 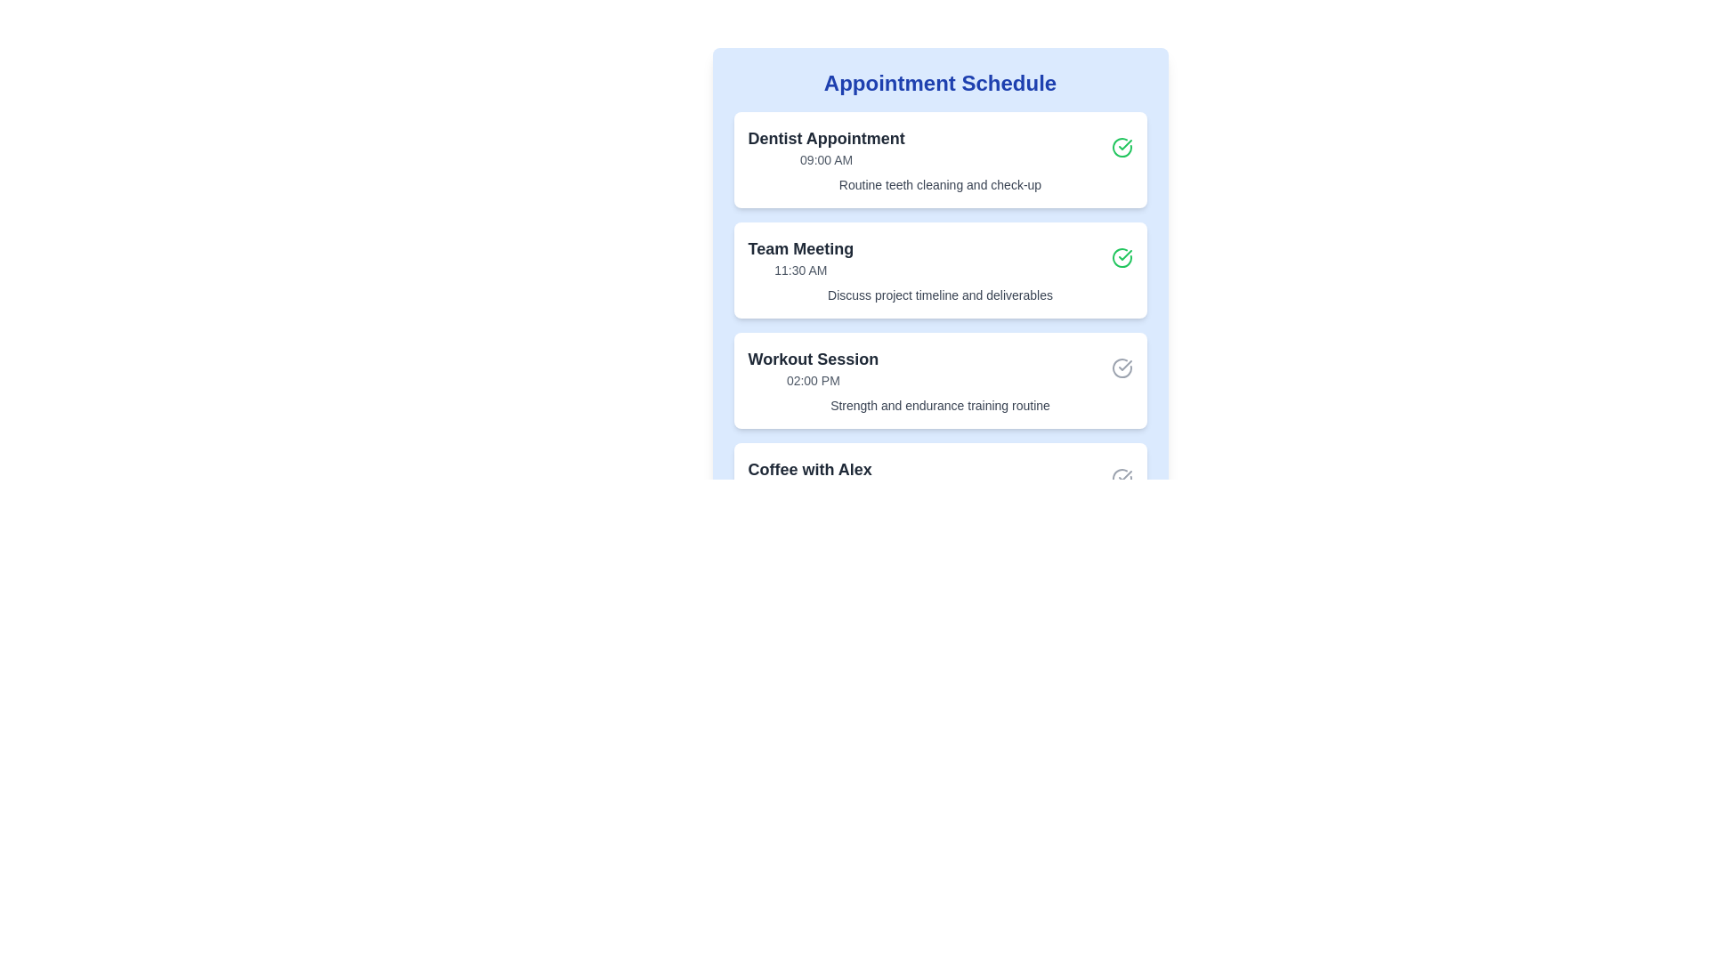 I want to click on the partial circle component icon indicating the status of 'Coffee with Alex', located at the bottom of the schedule list, so click(x=1121, y=477).